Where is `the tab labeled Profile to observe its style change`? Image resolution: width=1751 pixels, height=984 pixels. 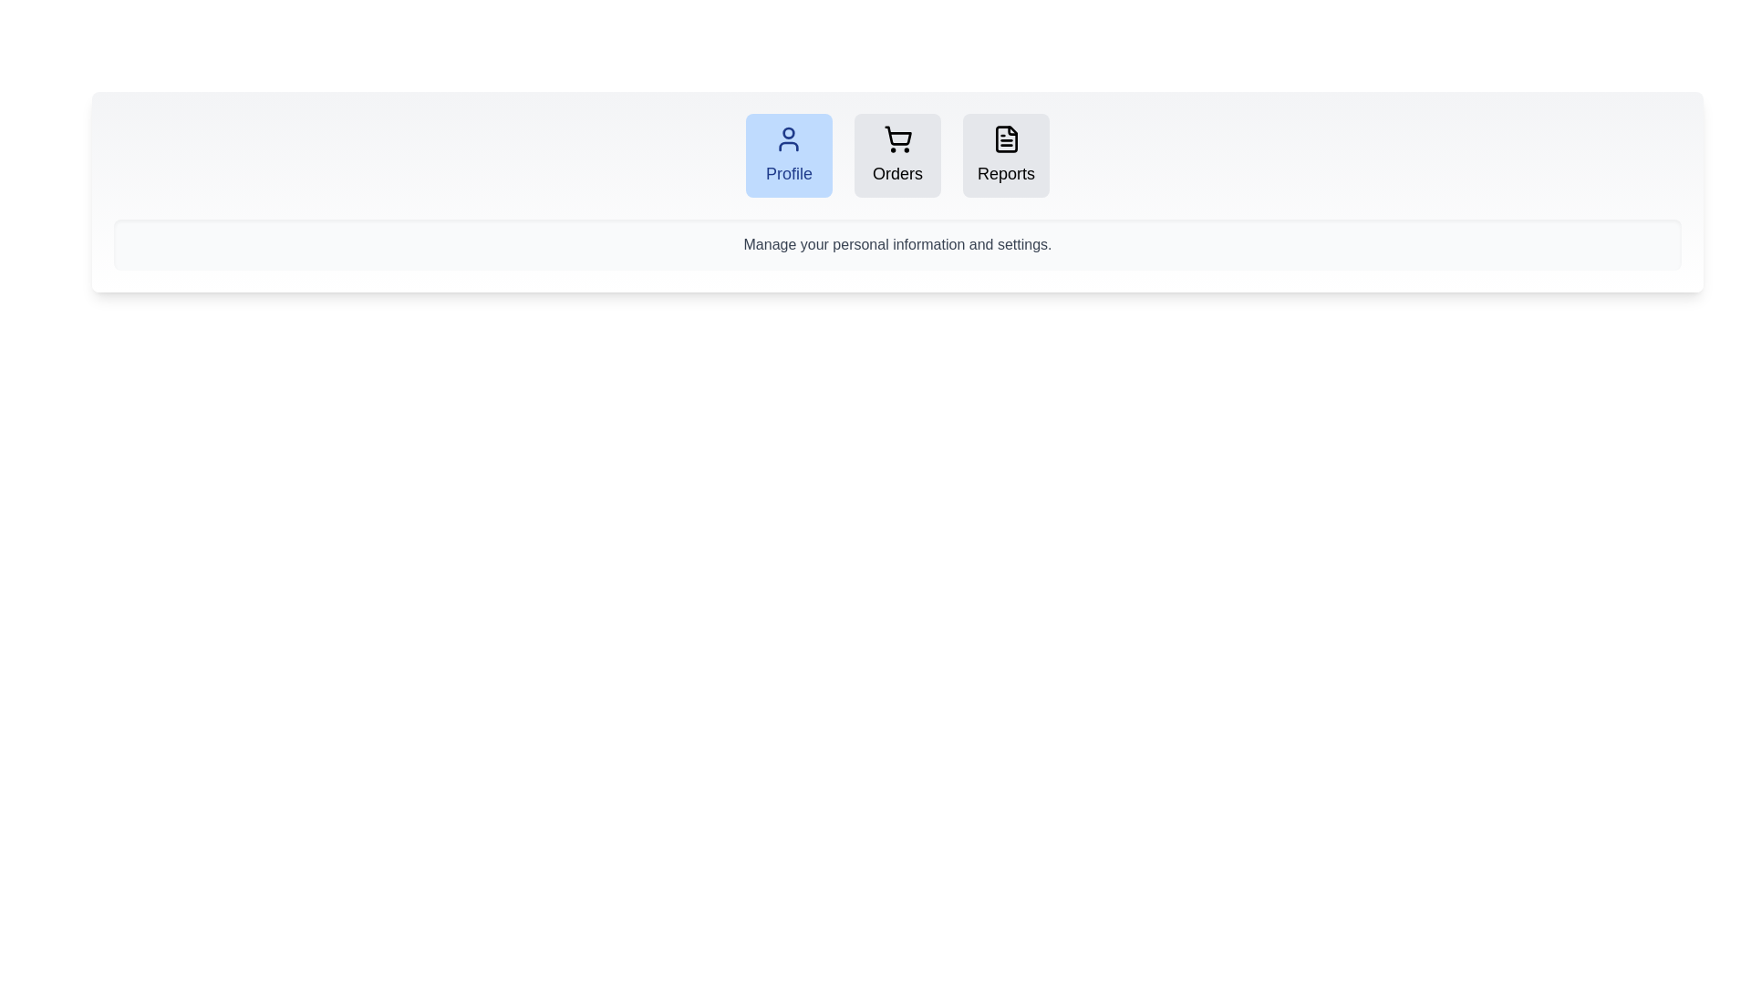
the tab labeled Profile to observe its style change is located at coordinates (788, 154).